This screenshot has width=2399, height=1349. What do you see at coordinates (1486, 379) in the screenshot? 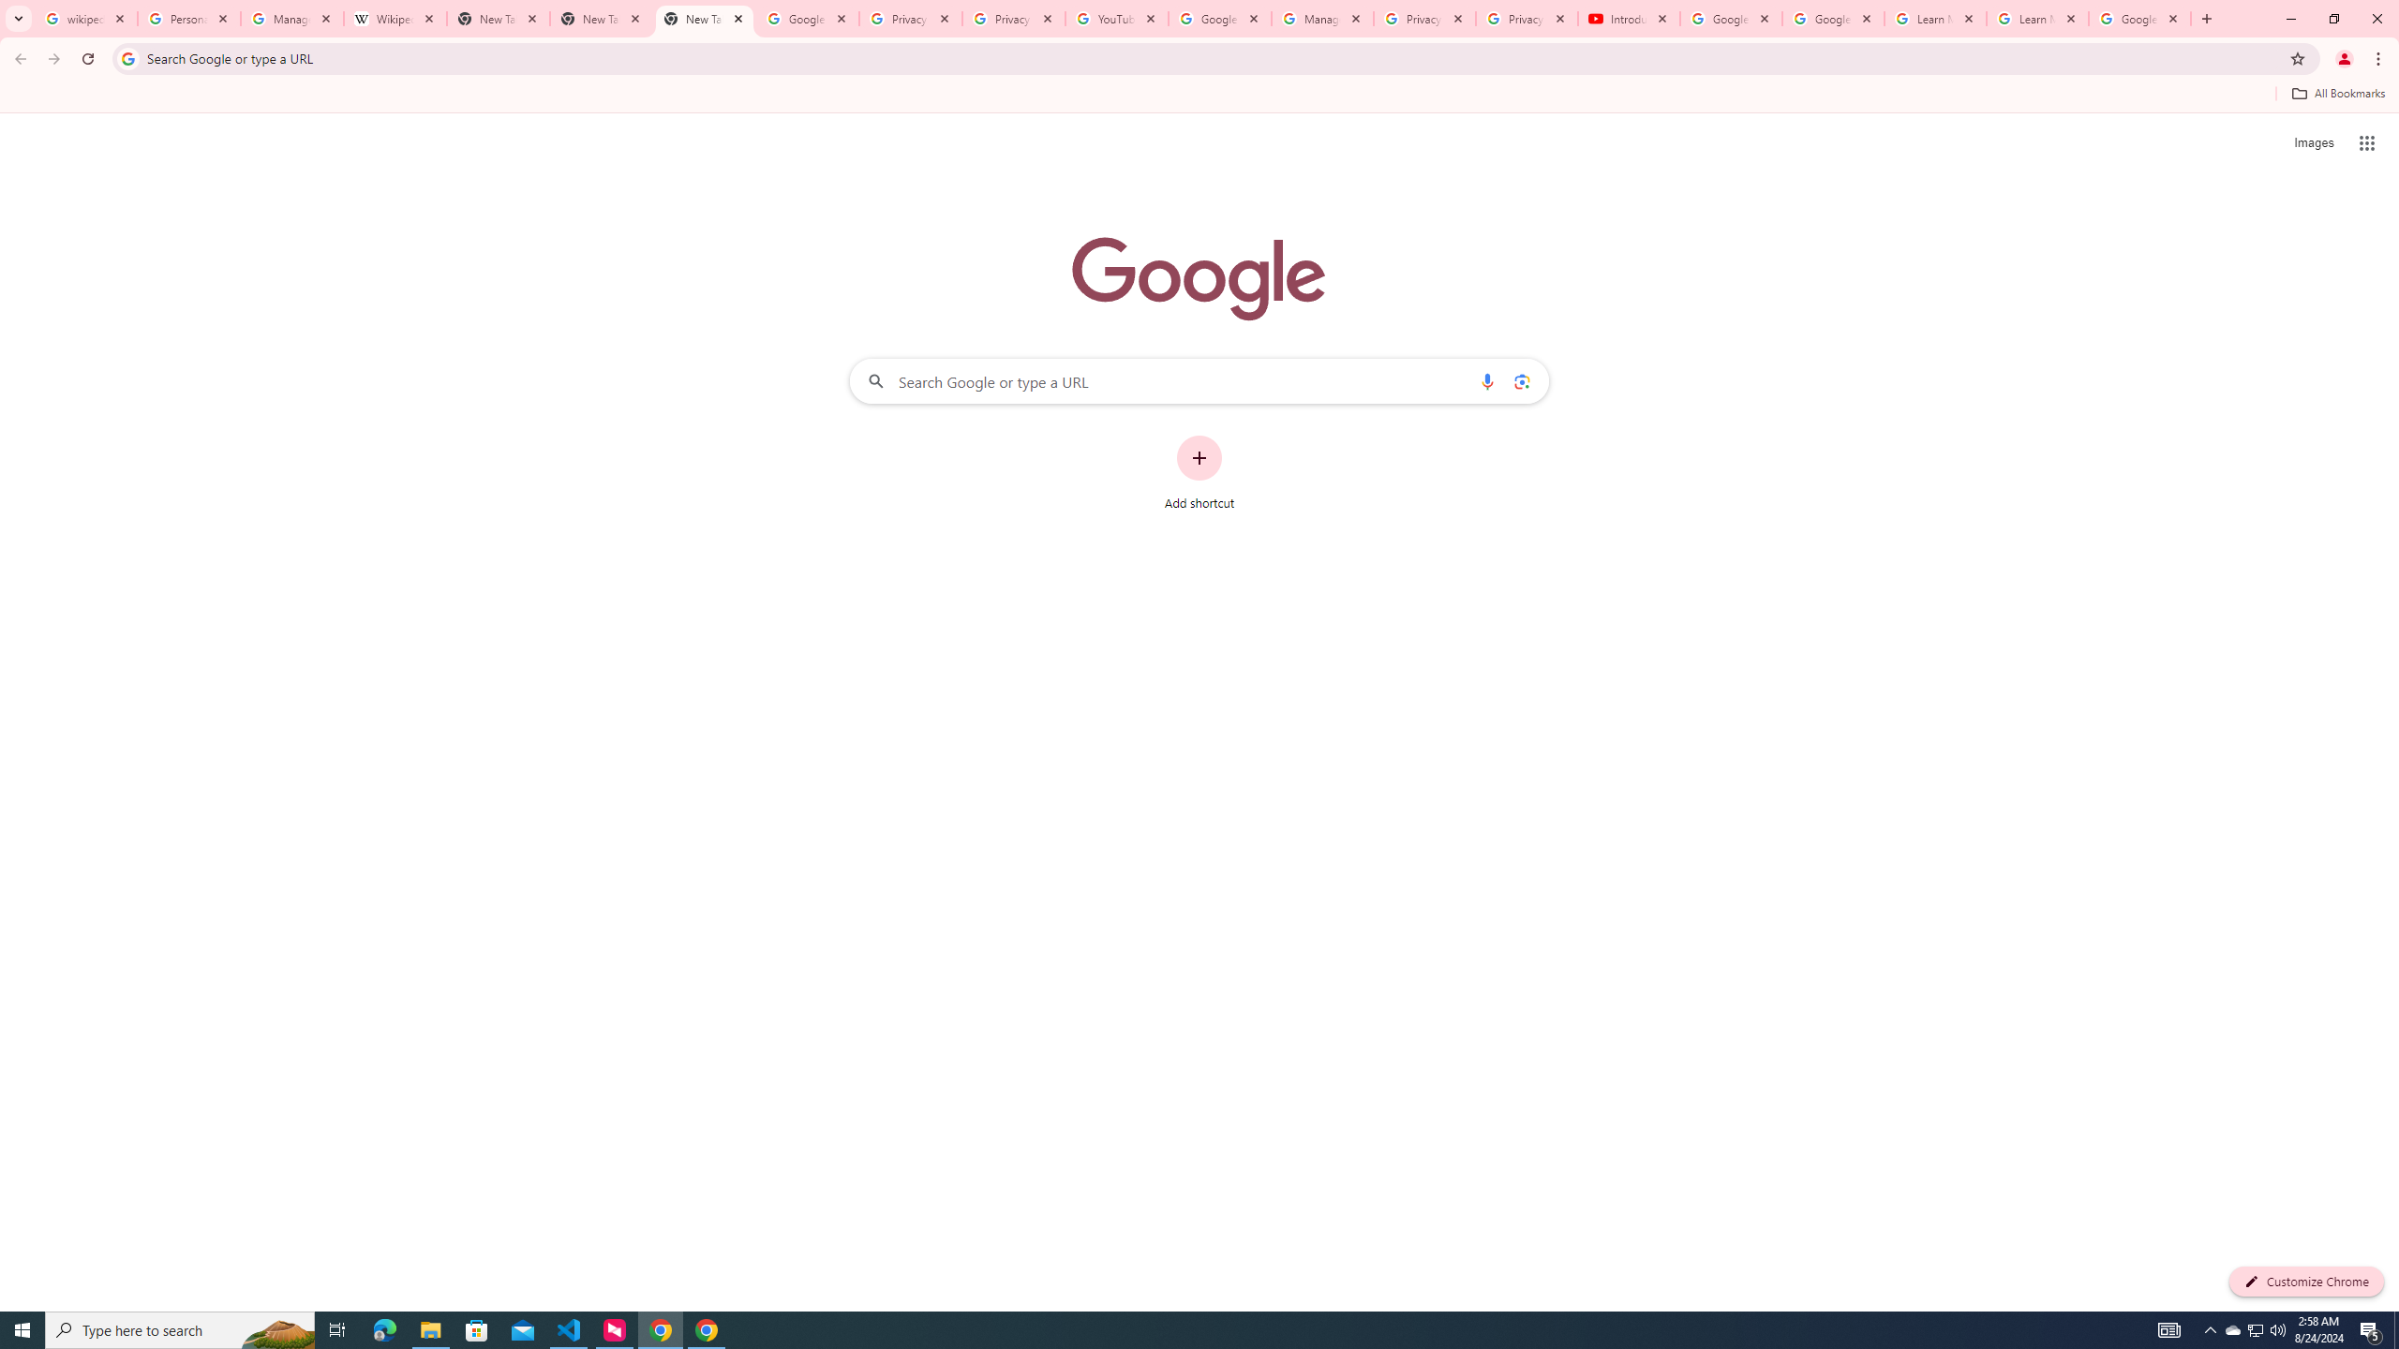
I see `'Search by voice'` at bounding box center [1486, 379].